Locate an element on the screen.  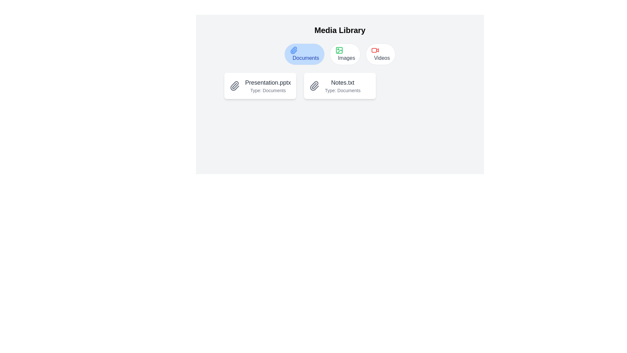
the graphical component of the 'Videos' button in the Media Library interface, which is located at the rightmost side of the group of buttons labeled 'Documents', 'Images', and 'Videos' is located at coordinates (374, 50).